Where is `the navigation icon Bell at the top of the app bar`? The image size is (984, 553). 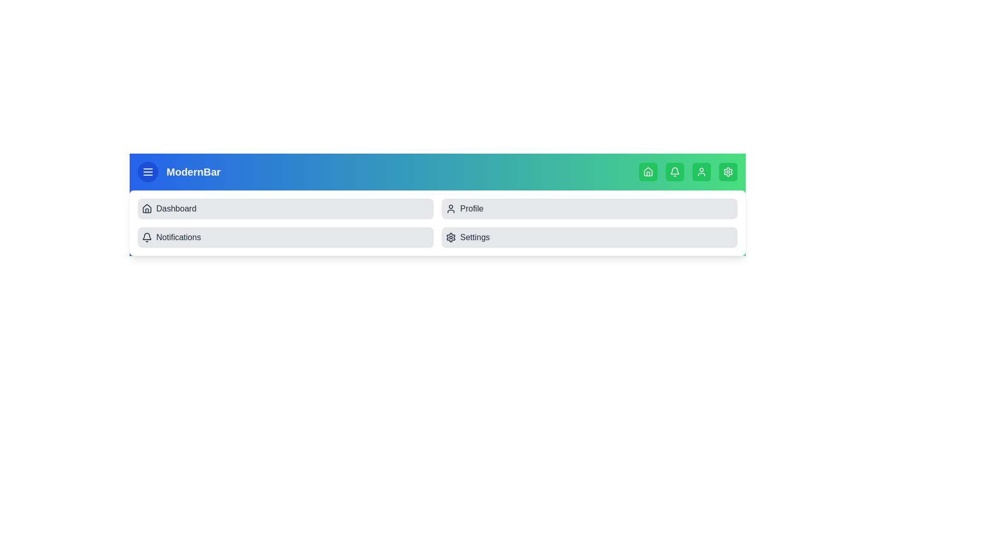
the navigation icon Bell at the top of the app bar is located at coordinates (674, 171).